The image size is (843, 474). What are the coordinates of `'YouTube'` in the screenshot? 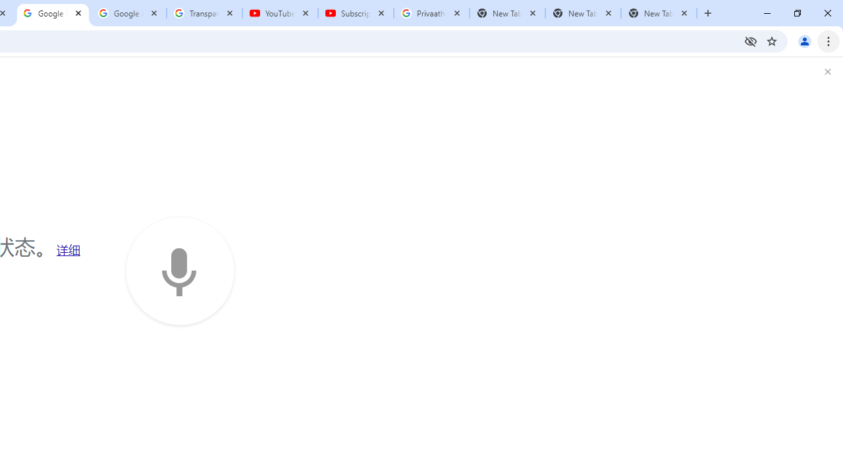 It's located at (279, 13).